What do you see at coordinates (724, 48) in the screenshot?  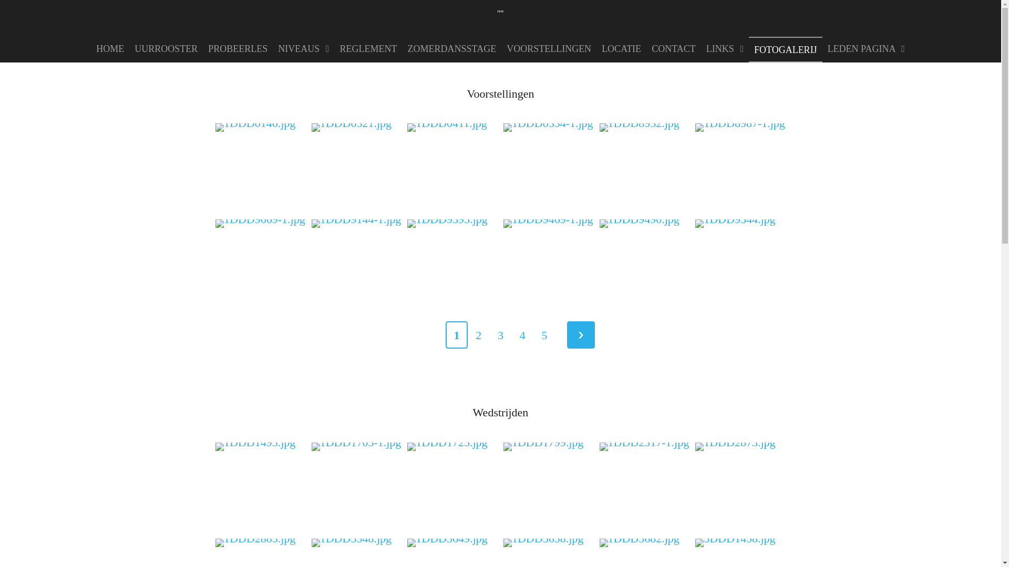 I see `'LINKS'` at bounding box center [724, 48].